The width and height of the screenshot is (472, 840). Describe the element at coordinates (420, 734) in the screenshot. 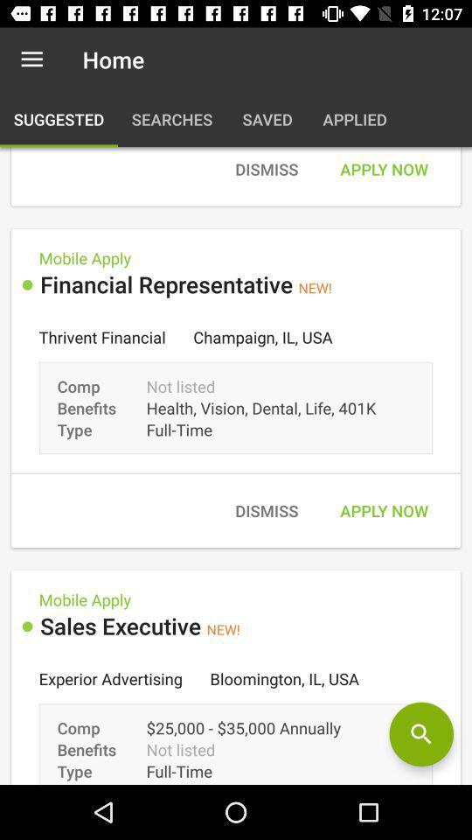

I see `icon below the apply now icon` at that location.